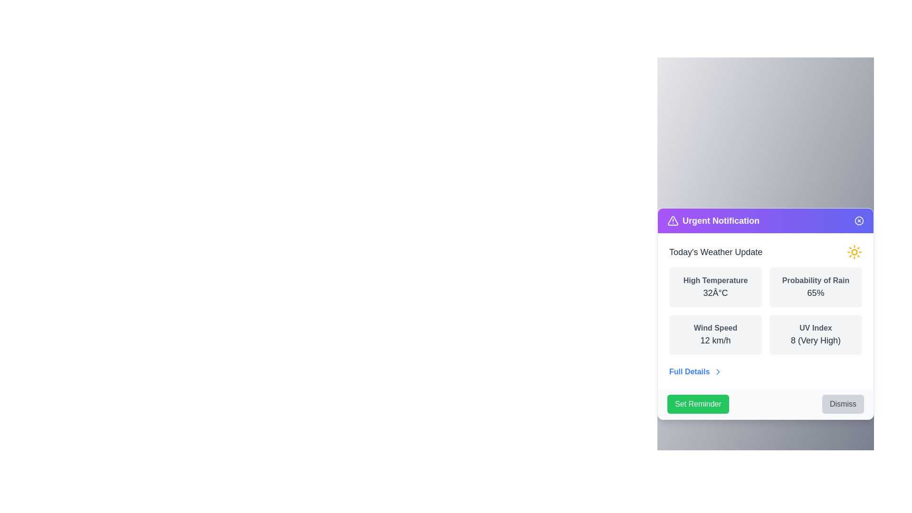  I want to click on the 'Wind Speed' text label, which is displayed in bold gray font and is positioned above '12 km/h' in the weather report section, so click(715, 327).